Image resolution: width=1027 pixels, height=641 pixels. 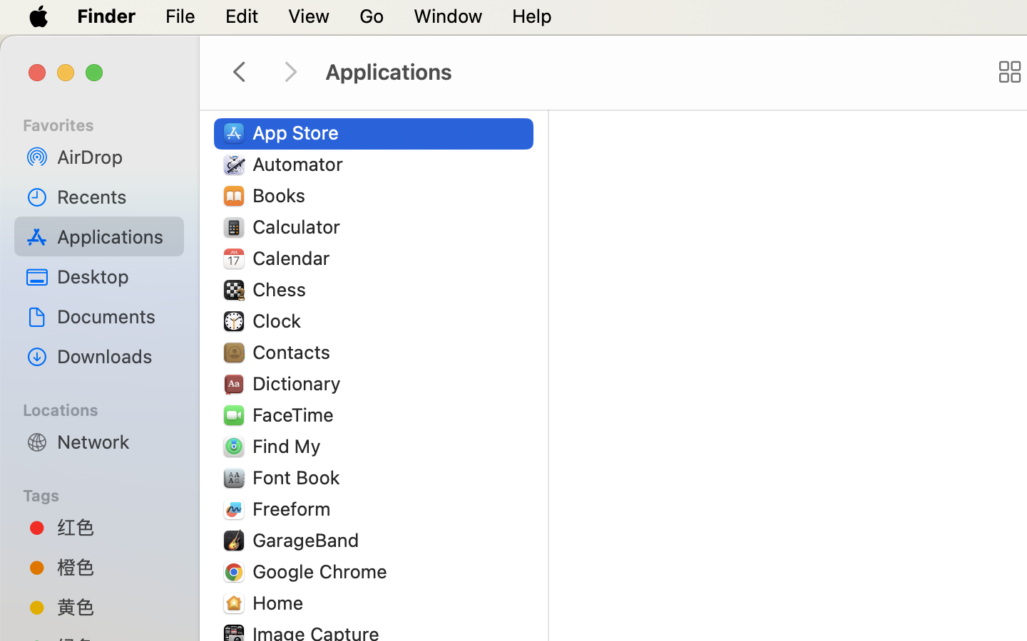 I want to click on 'Favorites', so click(x=107, y=123).